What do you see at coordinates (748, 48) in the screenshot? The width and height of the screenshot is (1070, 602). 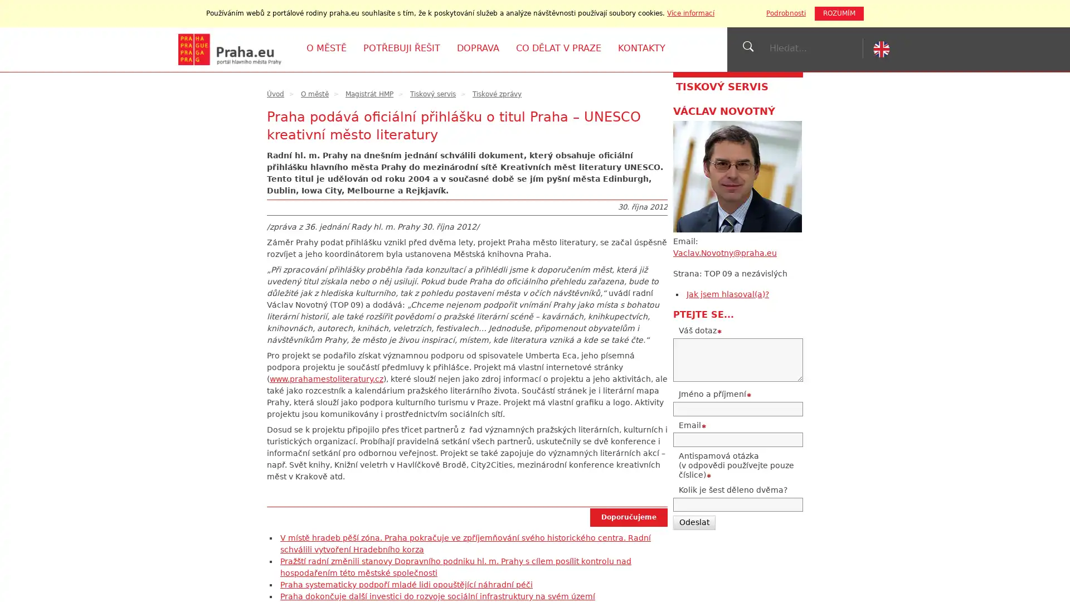 I see `jVyhledat` at bounding box center [748, 48].